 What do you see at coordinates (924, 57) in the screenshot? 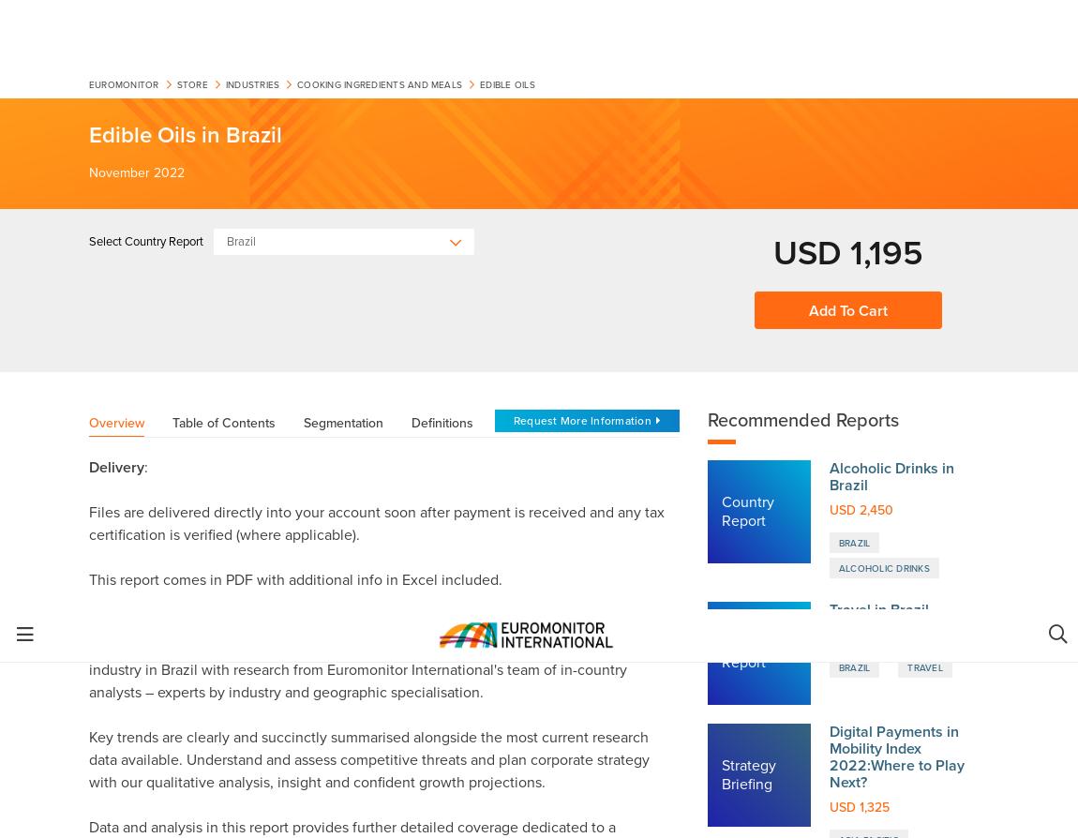
I see `'Travel'` at bounding box center [924, 57].